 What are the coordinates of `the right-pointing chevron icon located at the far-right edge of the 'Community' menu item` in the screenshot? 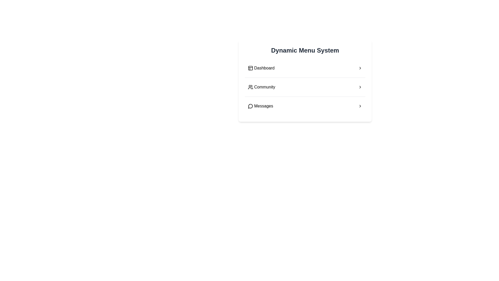 It's located at (360, 87).